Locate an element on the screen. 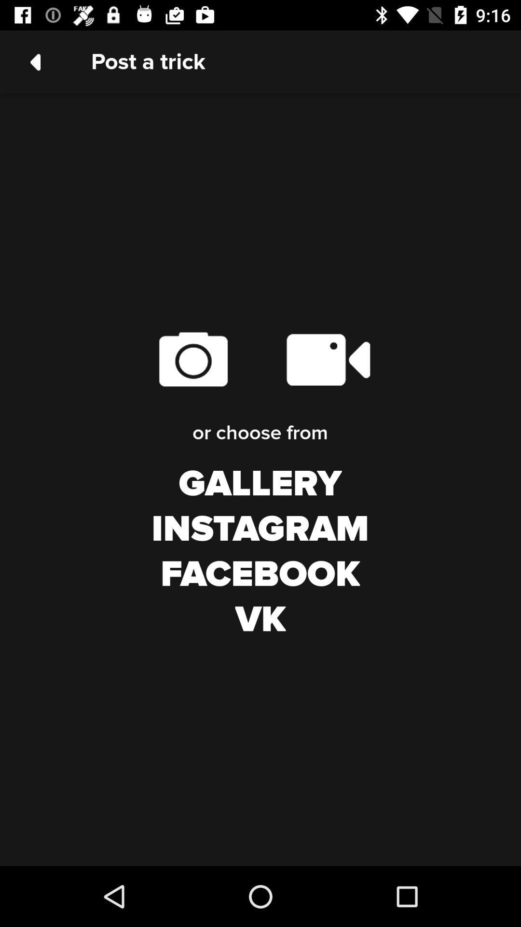 The height and width of the screenshot is (927, 521). item next to the post a trick item is located at coordinates (35, 61).